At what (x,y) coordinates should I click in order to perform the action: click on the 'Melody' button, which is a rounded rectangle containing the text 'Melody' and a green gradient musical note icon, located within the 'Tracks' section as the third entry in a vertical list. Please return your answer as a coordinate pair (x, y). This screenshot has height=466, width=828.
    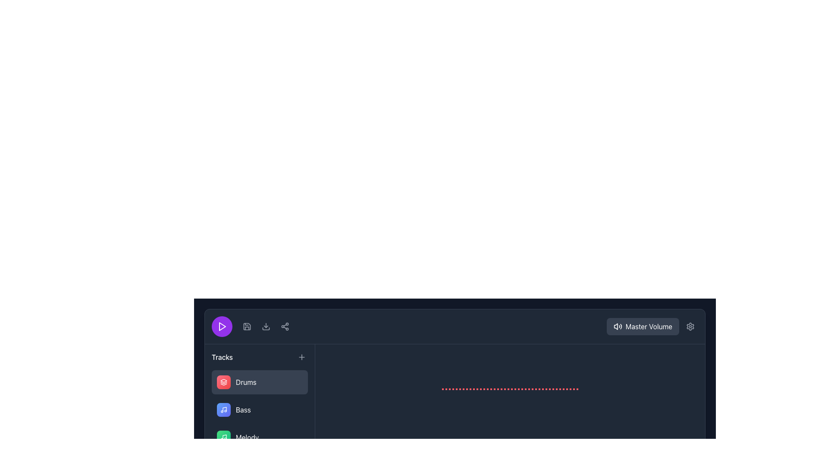
    Looking at the image, I should click on (259, 438).